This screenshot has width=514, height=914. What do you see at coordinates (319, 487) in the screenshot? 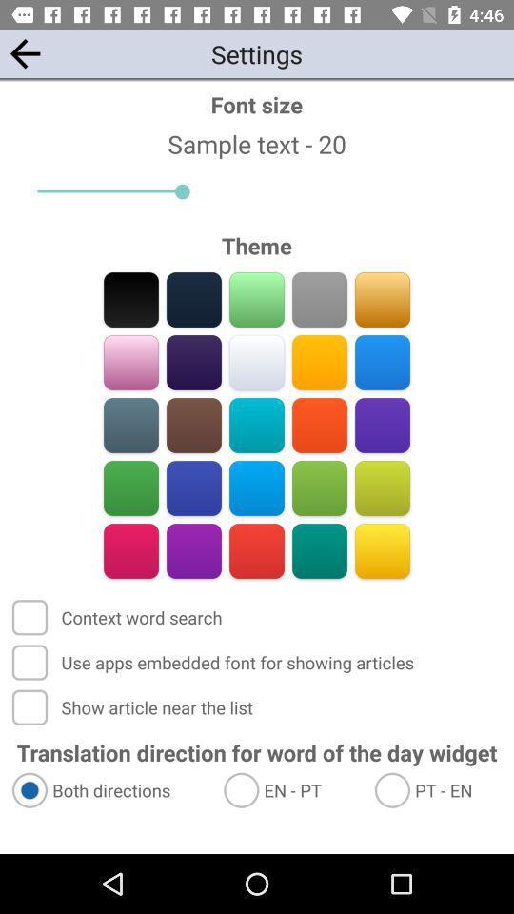
I see `color selection` at bounding box center [319, 487].